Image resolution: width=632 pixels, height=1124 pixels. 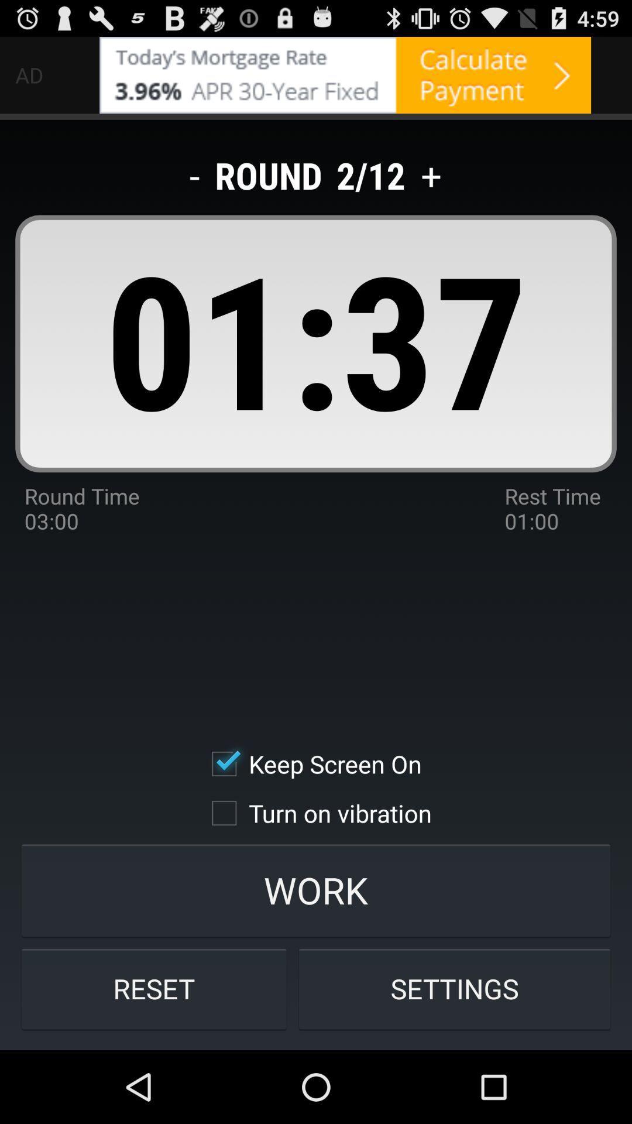 I want to click on advertisement banner, so click(x=345, y=74).